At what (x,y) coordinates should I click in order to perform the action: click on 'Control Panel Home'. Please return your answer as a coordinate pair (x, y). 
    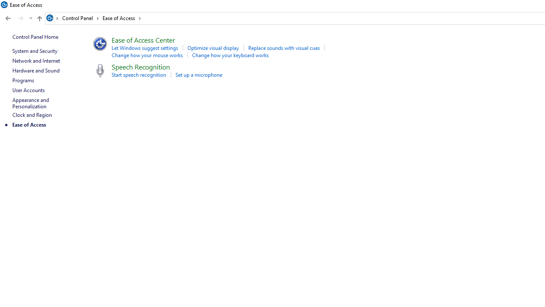
    Looking at the image, I should click on (35, 36).